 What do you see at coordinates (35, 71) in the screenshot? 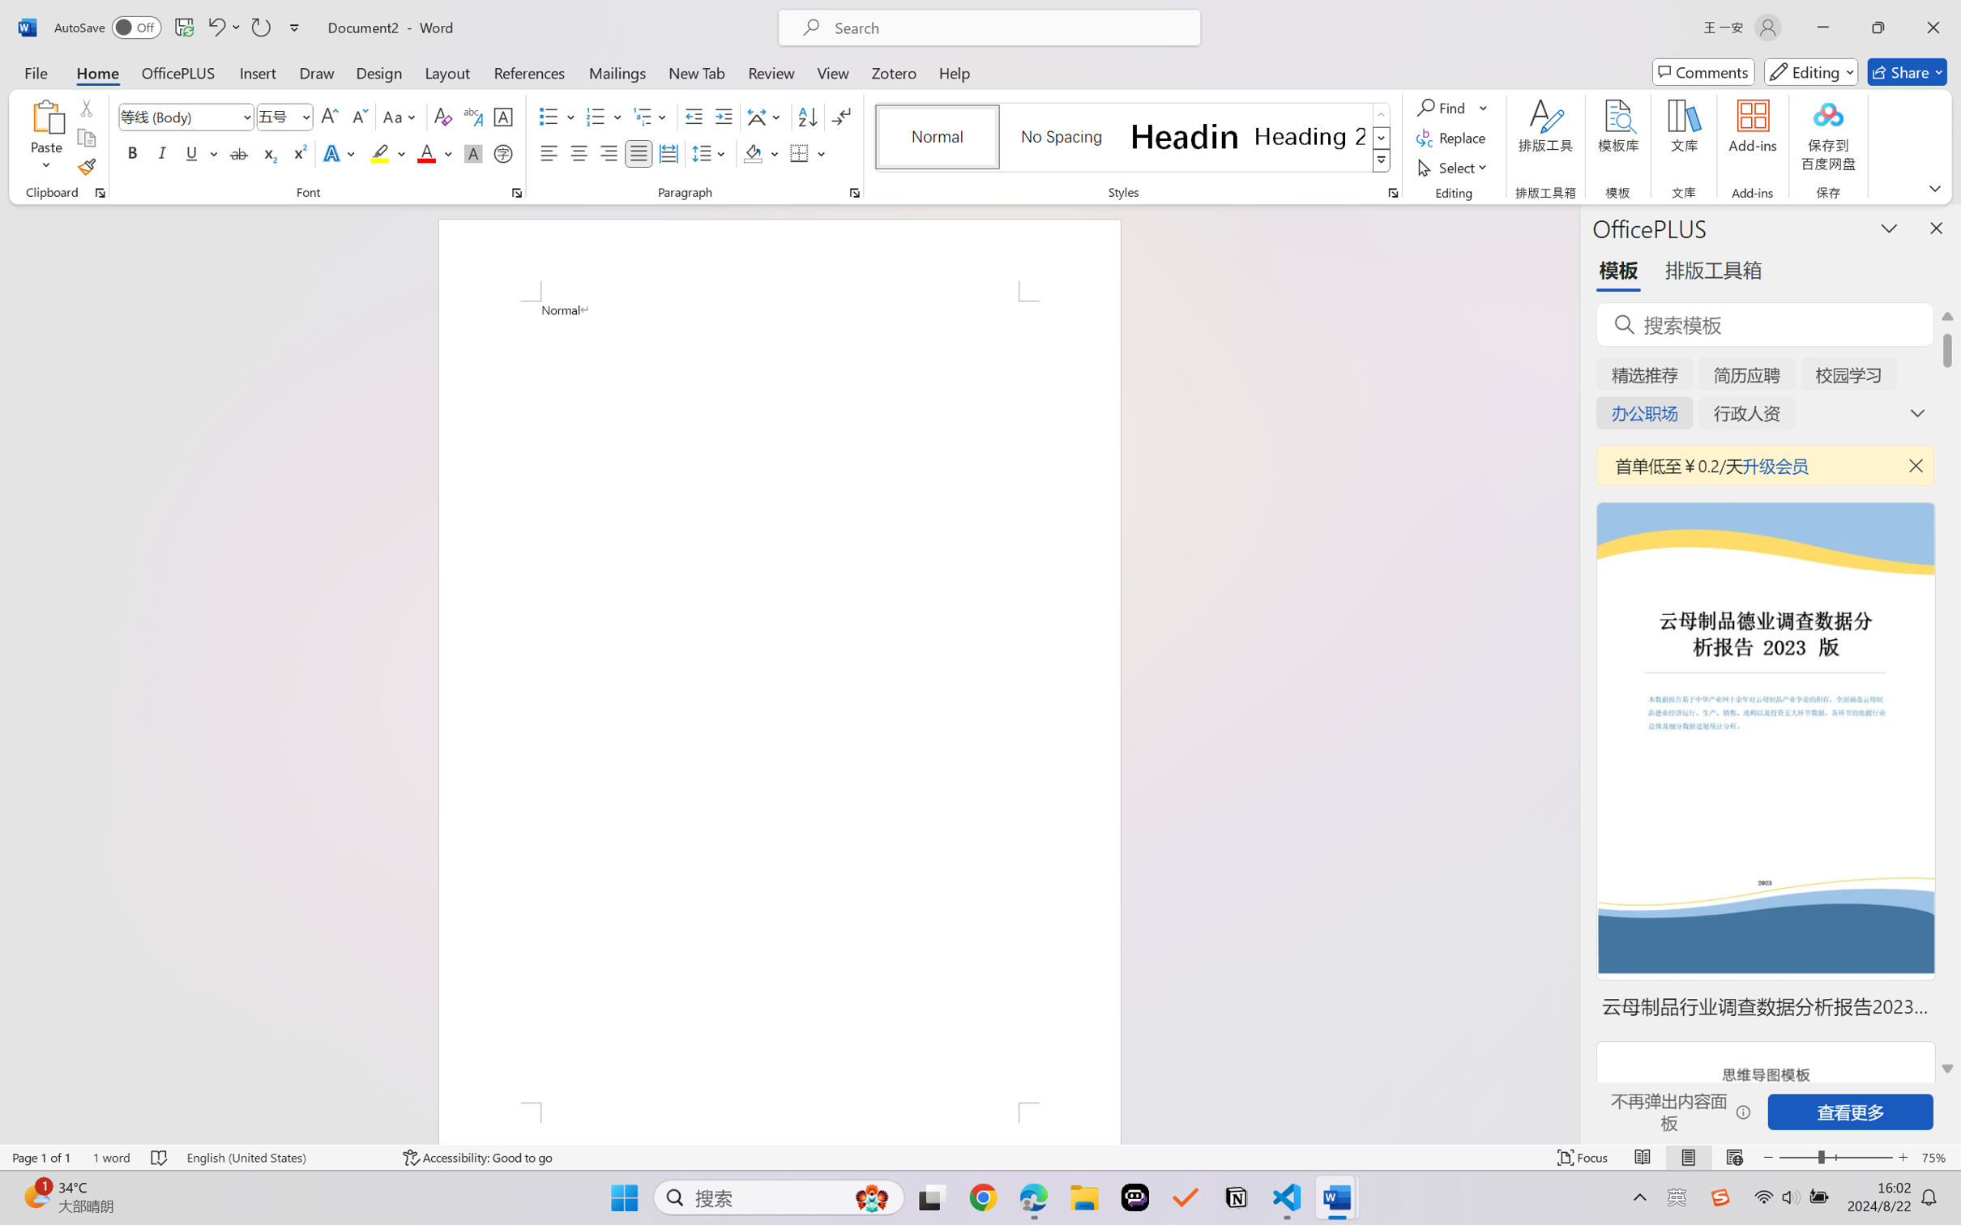
I see `'File Tab'` at bounding box center [35, 71].